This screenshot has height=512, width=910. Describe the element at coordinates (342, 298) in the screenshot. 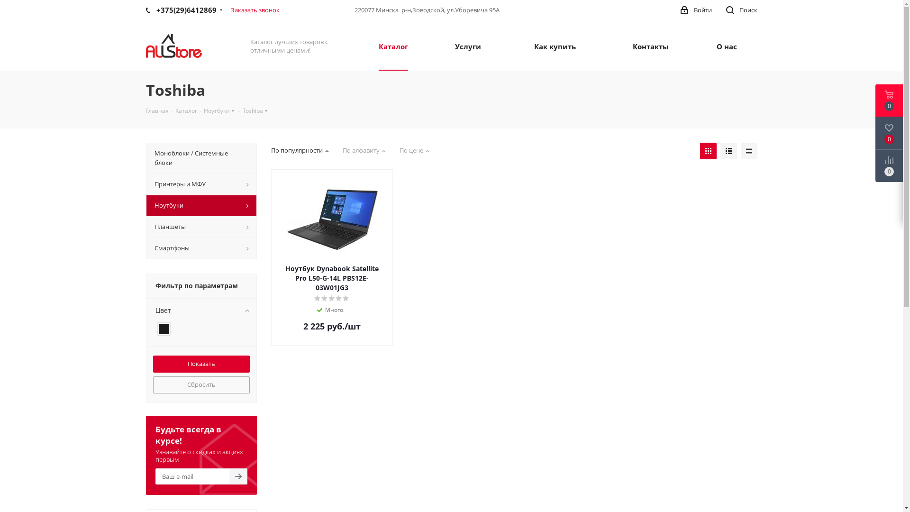

I see `'5'` at that location.